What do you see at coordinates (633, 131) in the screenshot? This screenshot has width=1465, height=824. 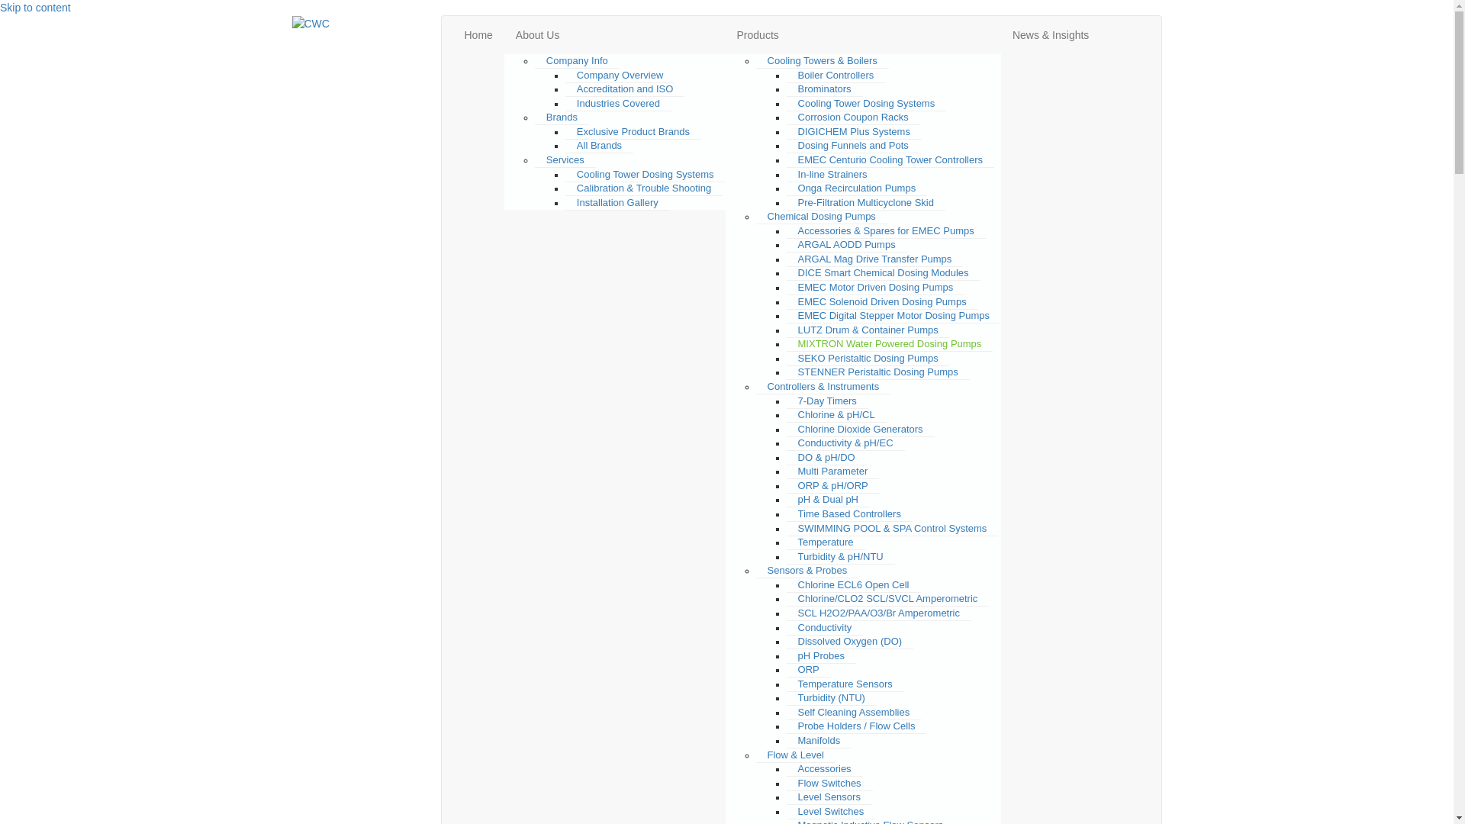 I see `'Exclusive Product Brands'` at bounding box center [633, 131].